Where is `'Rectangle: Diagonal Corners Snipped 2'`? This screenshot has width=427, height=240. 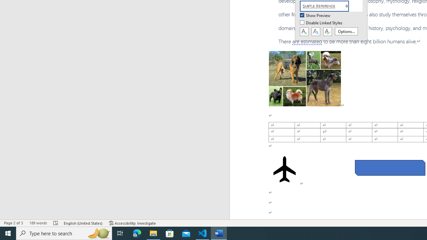
'Rectangle: Diagonal Corners Snipped 2' is located at coordinates (390, 167).